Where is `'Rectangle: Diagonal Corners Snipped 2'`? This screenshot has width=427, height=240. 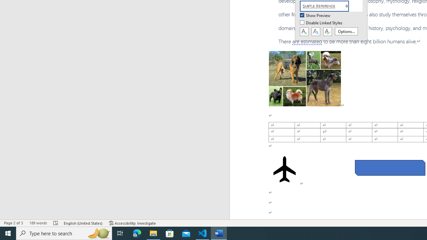
'Rectangle: Diagonal Corners Snipped 2' is located at coordinates (390, 167).